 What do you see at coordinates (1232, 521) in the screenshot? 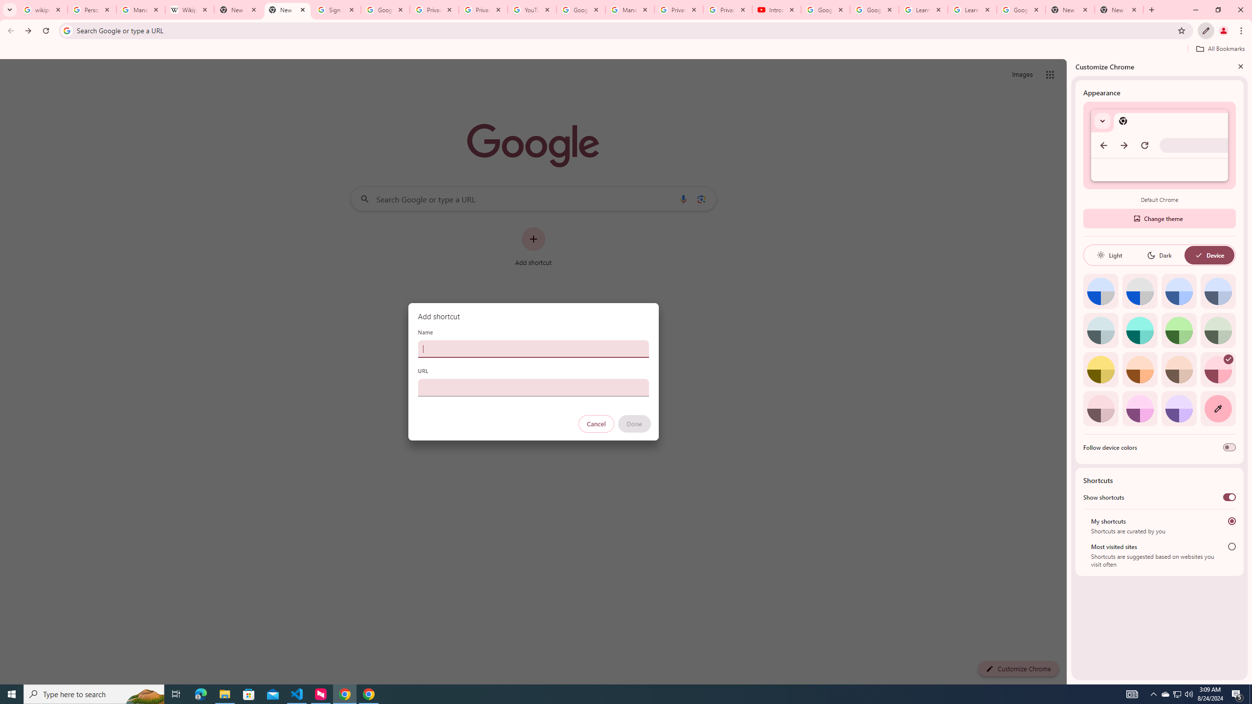
I see `'My shortcuts'` at bounding box center [1232, 521].